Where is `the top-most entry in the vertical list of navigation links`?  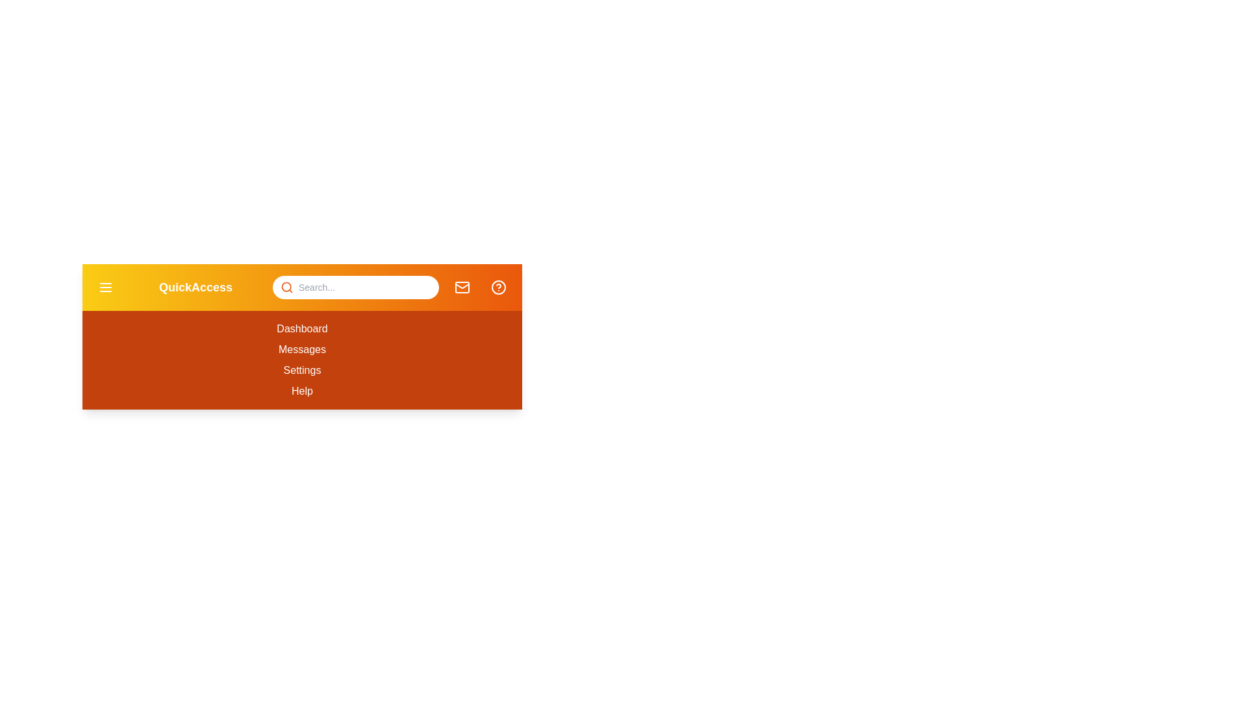 the top-most entry in the vertical list of navigation links is located at coordinates (301, 328).